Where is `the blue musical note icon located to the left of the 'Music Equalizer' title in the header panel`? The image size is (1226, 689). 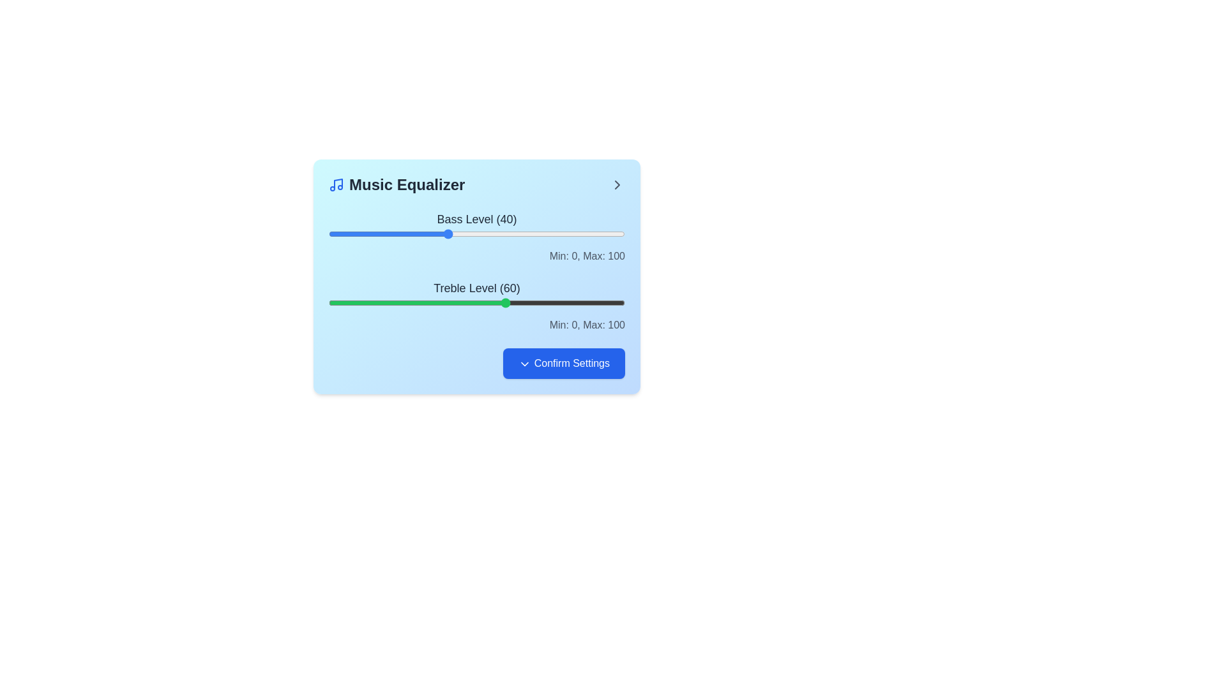 the blue musical note icon located to the left of the 'Music Equalizer' title in the header panel is located at coordinates (337, 184).